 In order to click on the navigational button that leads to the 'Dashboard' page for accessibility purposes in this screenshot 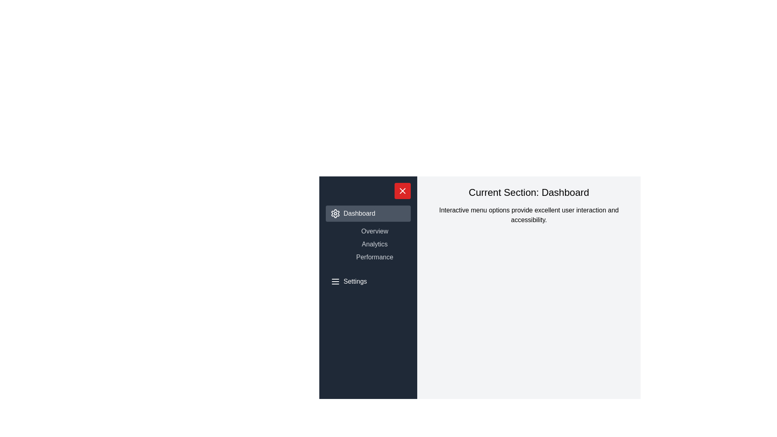, I will do `click(368, 213)`.